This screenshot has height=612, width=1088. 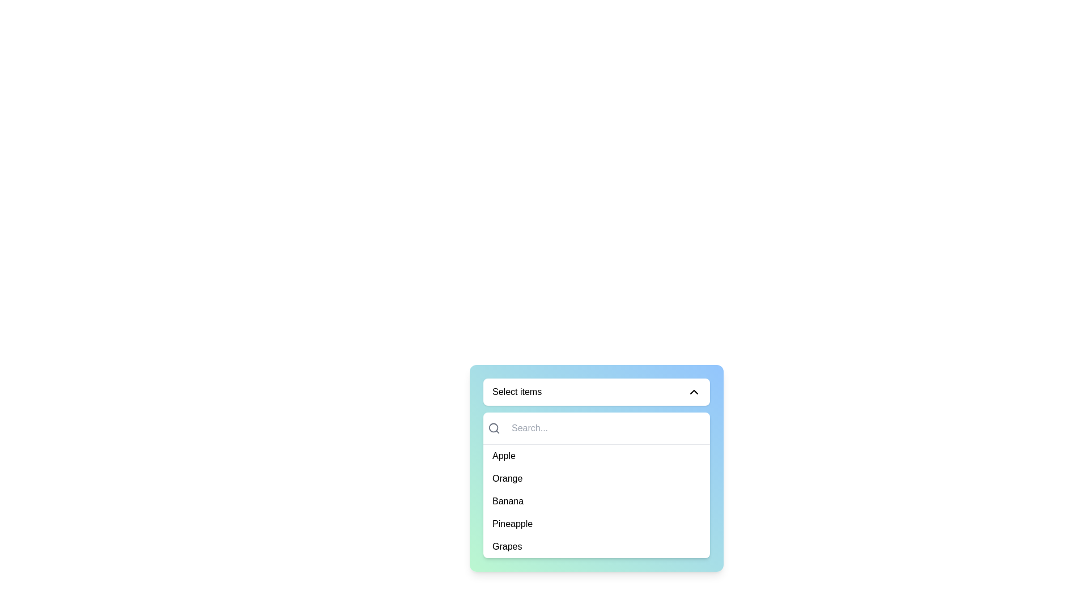 What do you see at coordinates (512, 524) in the screenshot?
I see `the static text label representing 'Pineapple' in the selectable list of options` at bounding box center [512, 524].